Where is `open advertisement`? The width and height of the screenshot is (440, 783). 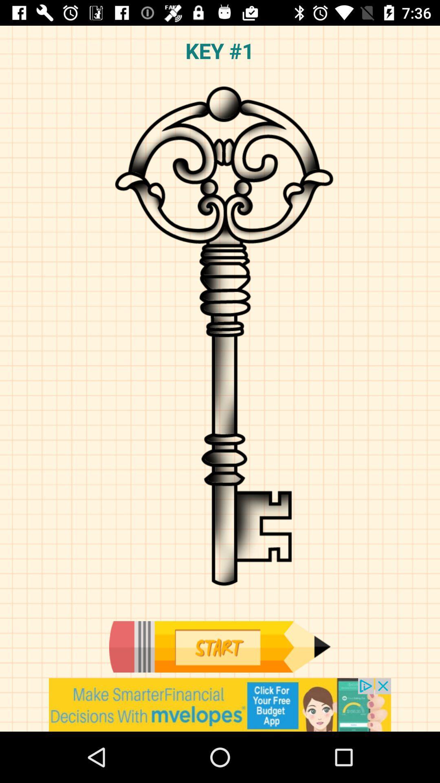
open advertisement is located at coordinates (220, 704).